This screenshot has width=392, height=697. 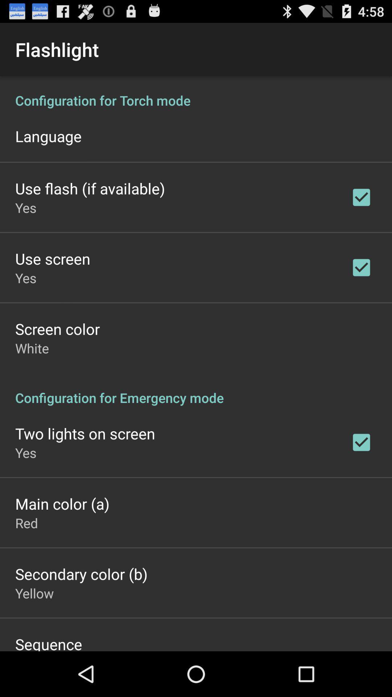 I want to click on the icon below screen color icon, so click(x=32, y=348).